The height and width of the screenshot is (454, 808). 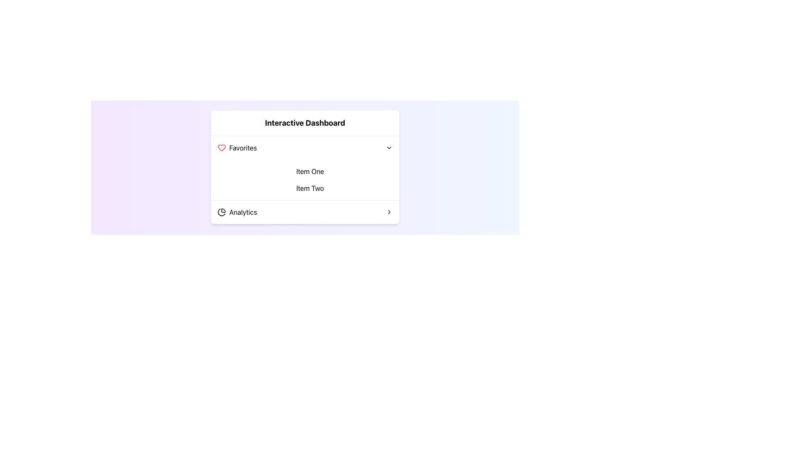 What do you see at coordinates (222, 147) in the screenshot?
I see `the 'Favorites' SVG icon located to the left of the 'Favorites' label in the top section of the 'Interactive Dashboard' card component` at bounding box center [222, 147].